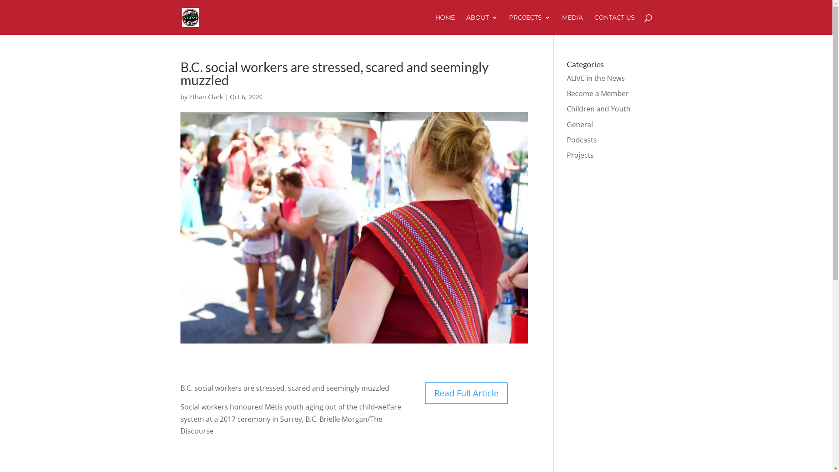  Describe the element at coordinates (481, 24) in the screenshot. I see `'ABOUT'` at that location.